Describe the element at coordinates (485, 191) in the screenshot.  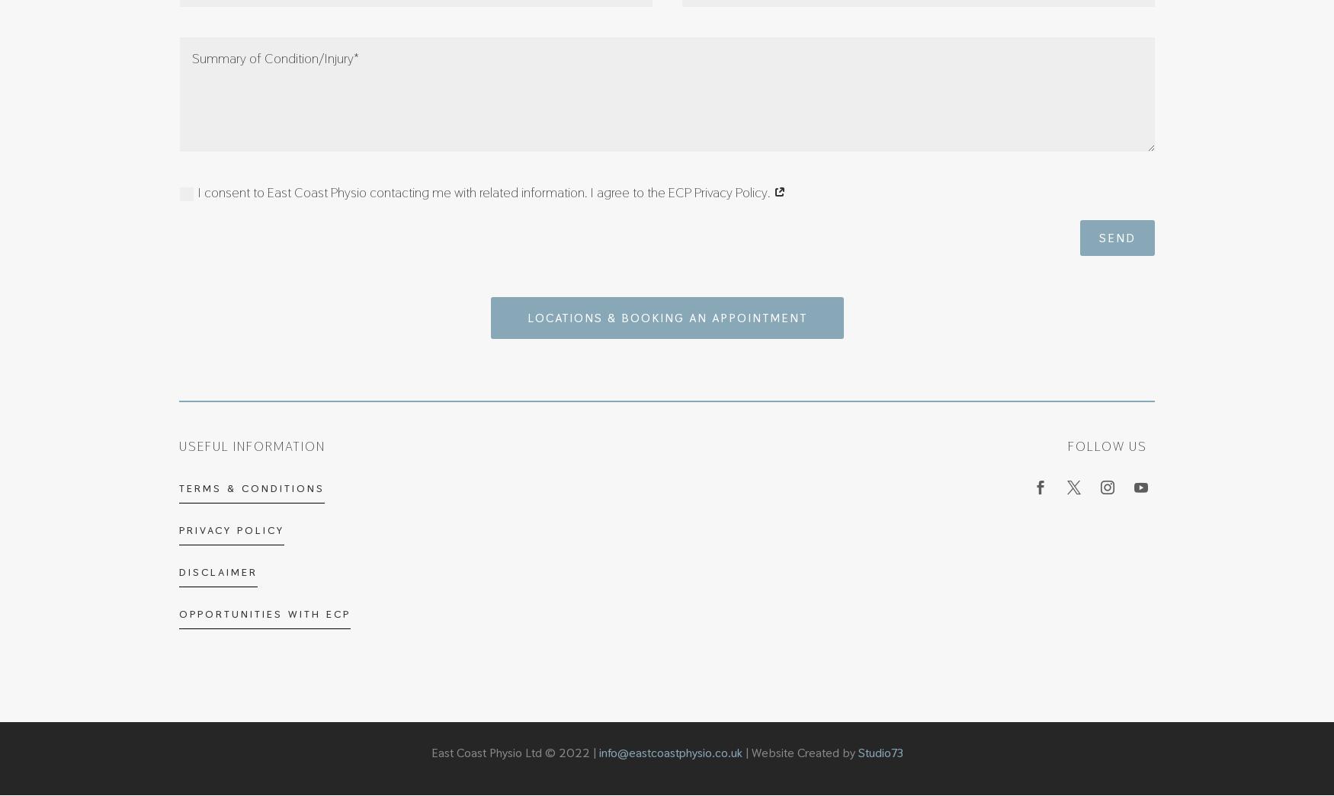
I see `'I consent to East Coast Physio contacting me with related information. I agree to the ECP Privacy Policy.'` at that location.